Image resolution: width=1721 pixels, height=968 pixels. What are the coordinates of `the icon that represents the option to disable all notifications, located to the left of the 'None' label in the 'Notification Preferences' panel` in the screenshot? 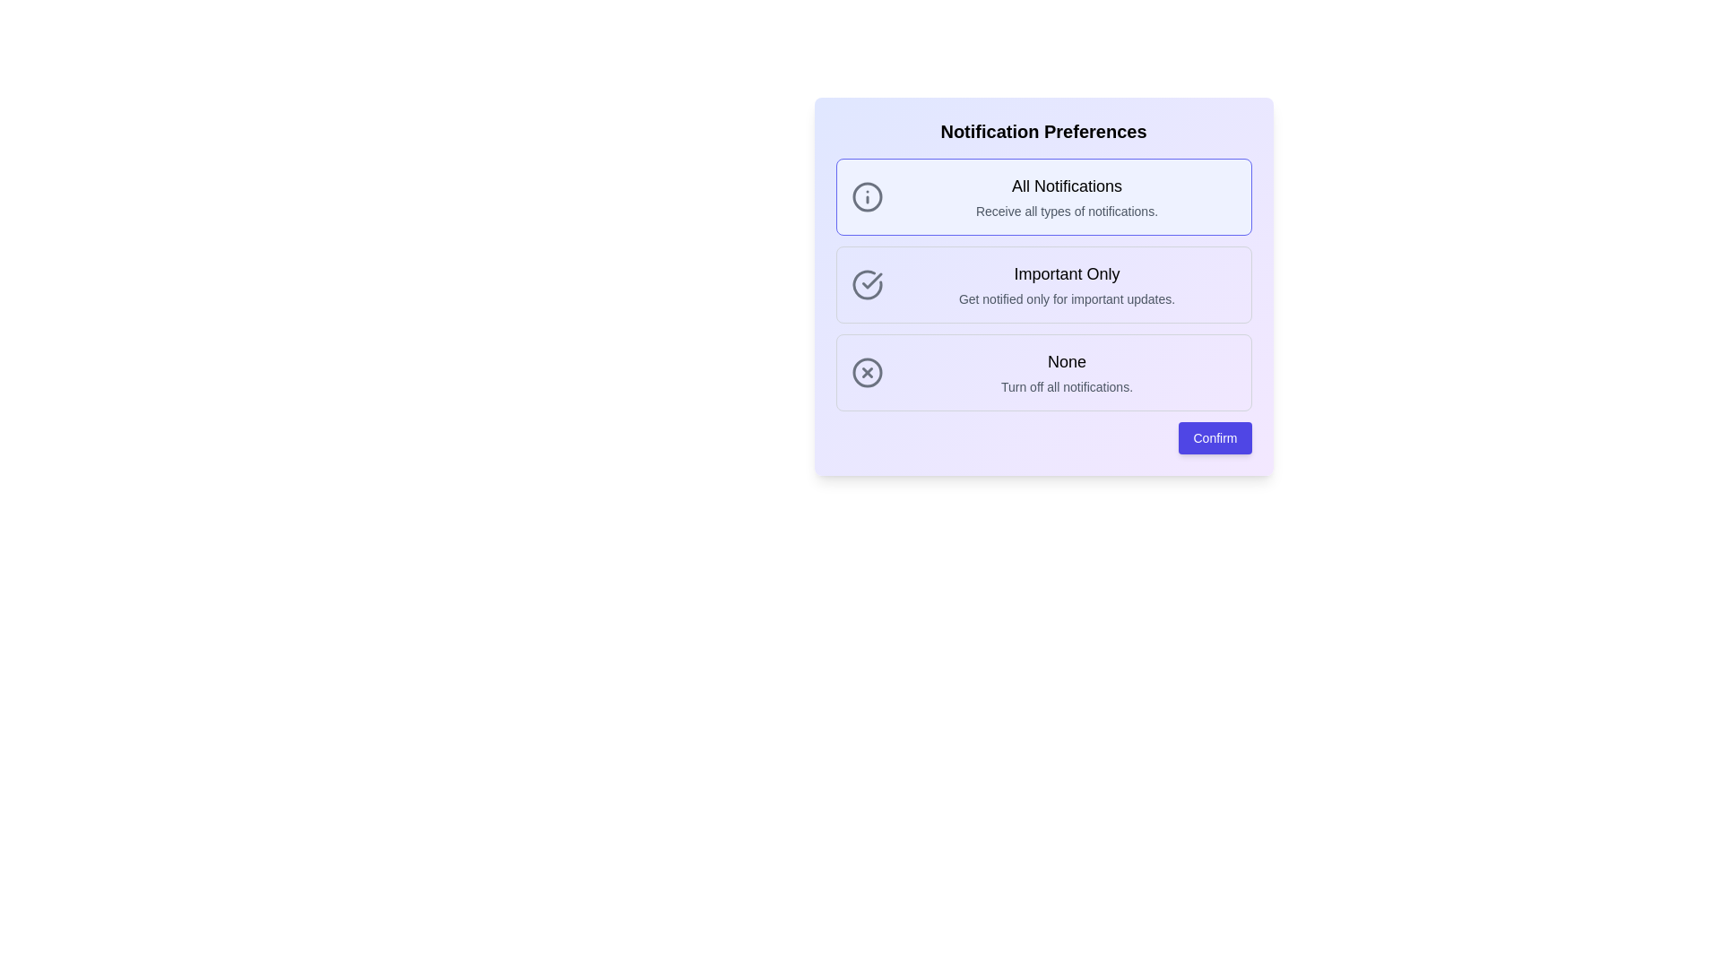 It's located at (867, 372).